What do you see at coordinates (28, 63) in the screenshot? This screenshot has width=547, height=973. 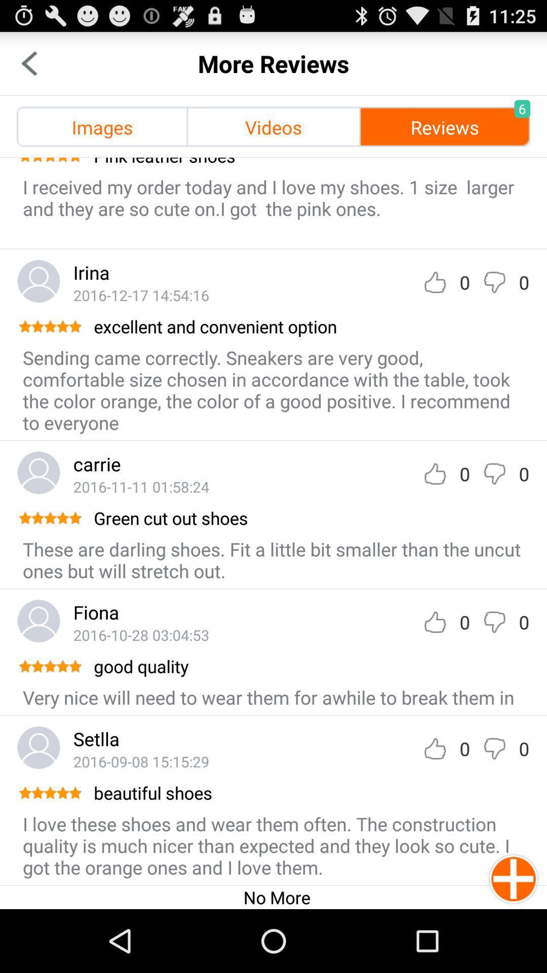 I see `app to the left of the more reviews app` at bounding box center [28, 63].